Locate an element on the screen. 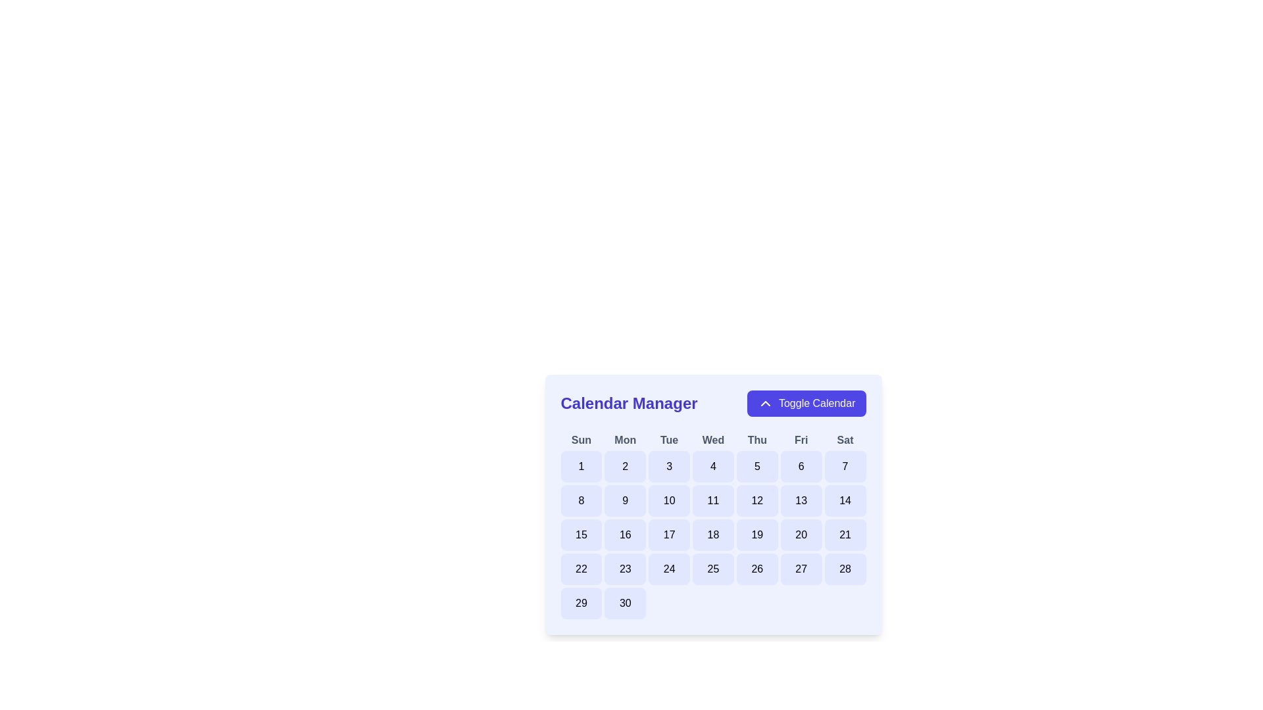  the Interactive calendar day tile representing the 27th day of the month to trigger a visual effect is located at coordinates (801, 569).